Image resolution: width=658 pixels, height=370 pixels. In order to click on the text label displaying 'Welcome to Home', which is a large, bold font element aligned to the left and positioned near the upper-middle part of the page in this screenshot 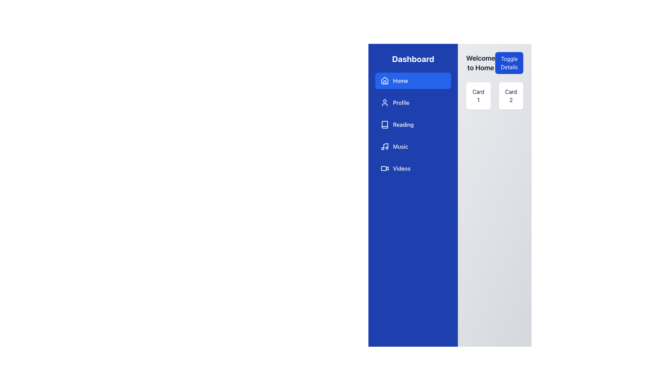, I will do `click(480, 63)`.